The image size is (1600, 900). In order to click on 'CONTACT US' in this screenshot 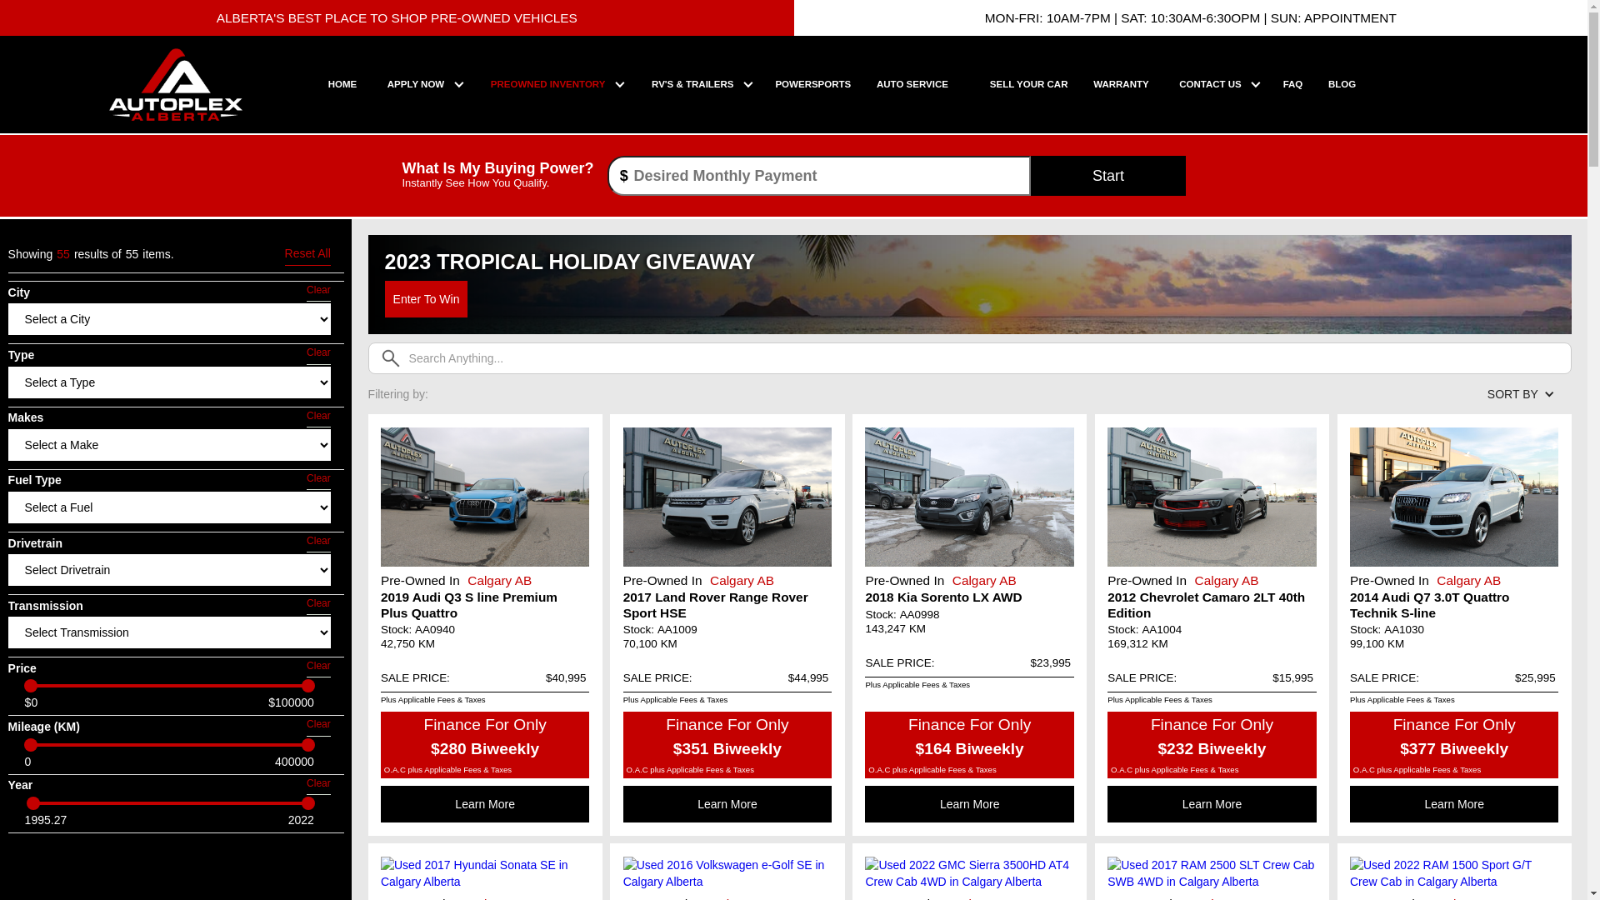, I will do `click(1173, 84)`.